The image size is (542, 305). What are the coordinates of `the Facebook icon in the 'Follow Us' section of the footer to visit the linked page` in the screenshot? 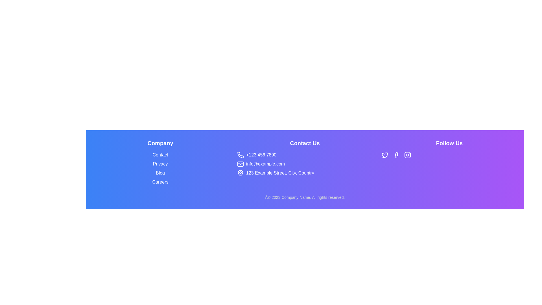 It's located at (396, 155).